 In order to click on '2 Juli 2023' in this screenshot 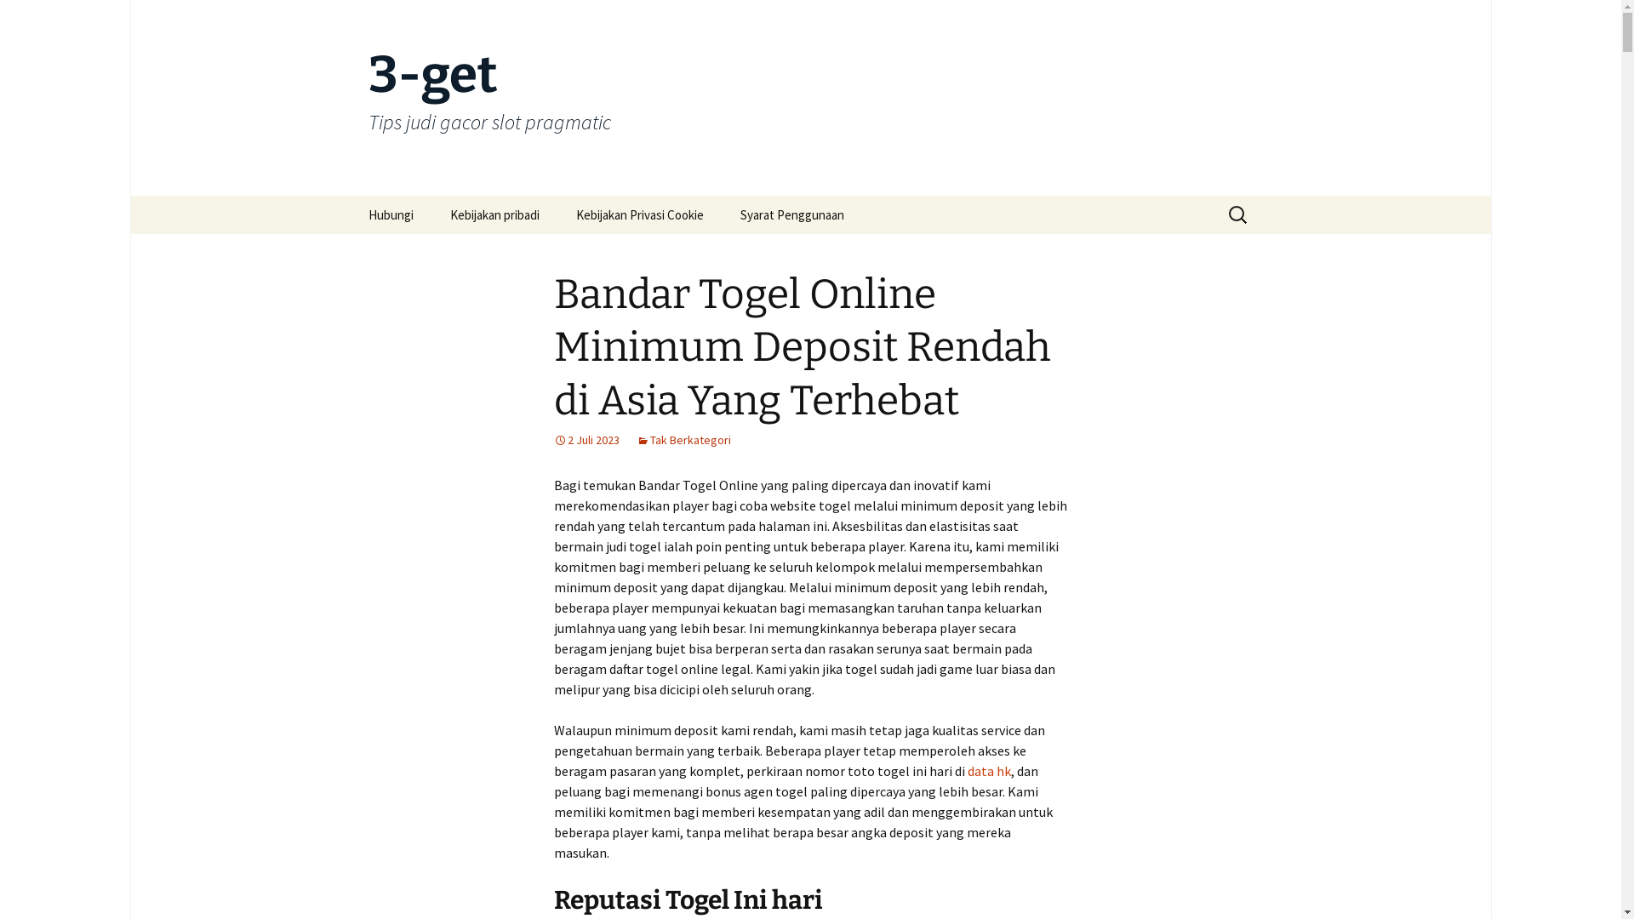, I will do `click(586, 438)`.